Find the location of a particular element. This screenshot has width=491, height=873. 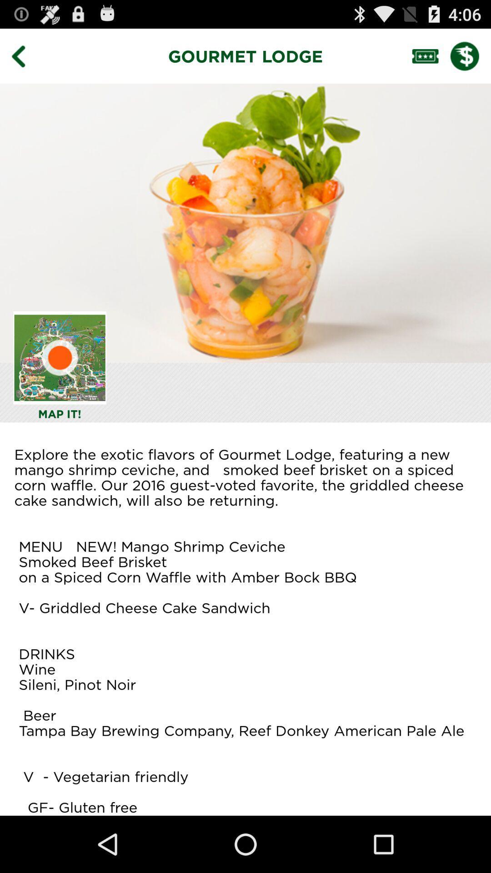

map button is located at coordinates (60, 357).